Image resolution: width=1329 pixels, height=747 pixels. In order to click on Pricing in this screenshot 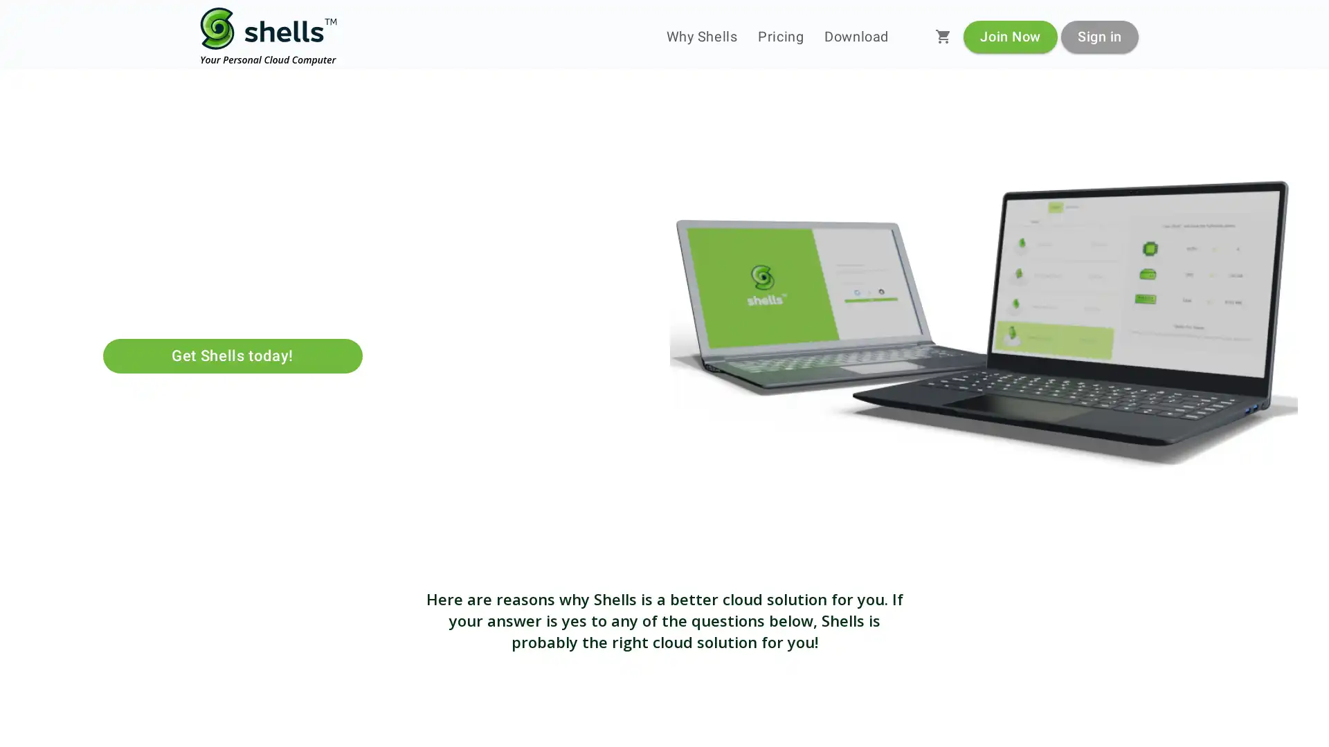, I will do `click(781, 36)`.